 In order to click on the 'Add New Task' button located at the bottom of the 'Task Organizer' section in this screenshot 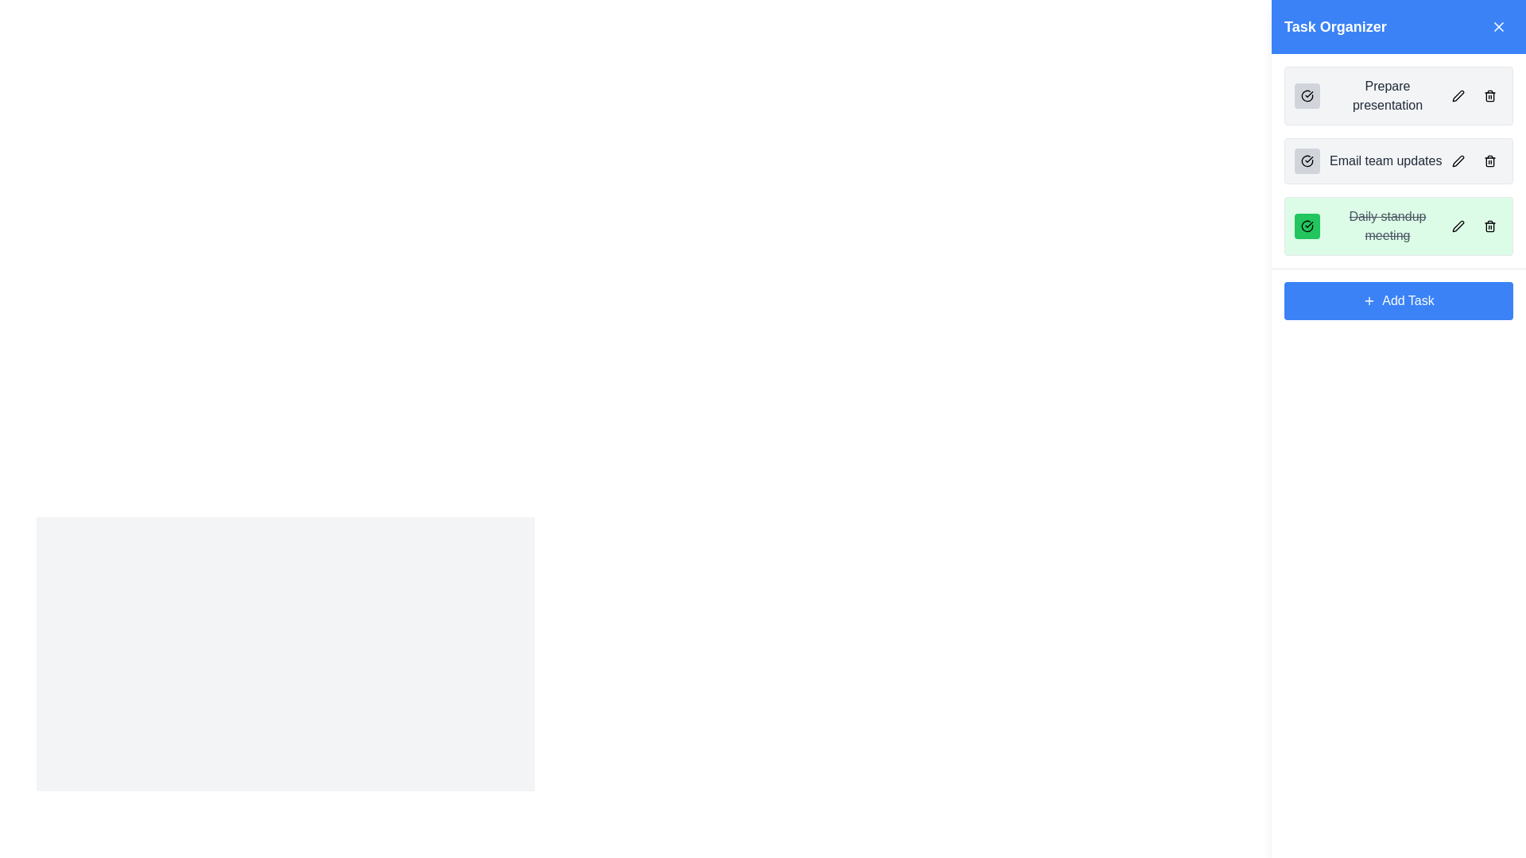, I will do `click(1408, 300)`.